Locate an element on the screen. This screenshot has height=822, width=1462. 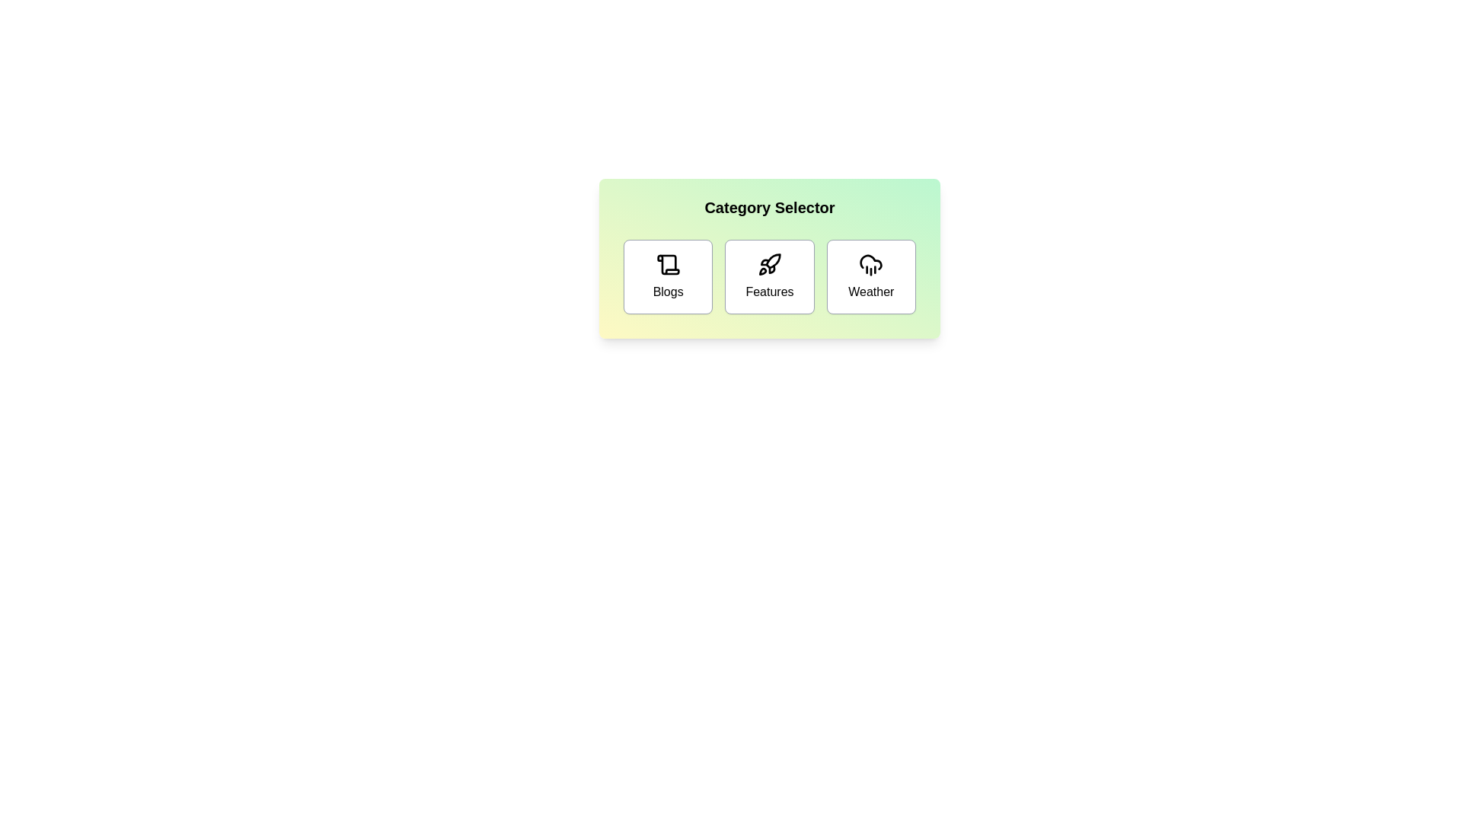
the category button labeled 'Blogs' to view its hover effects is located at coordinates (668, 276).